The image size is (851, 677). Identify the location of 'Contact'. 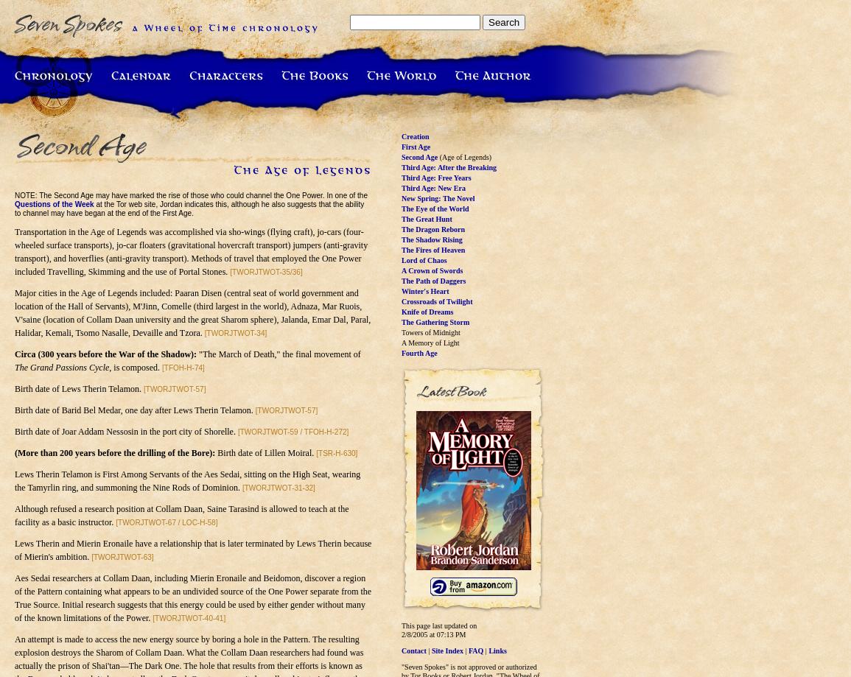
(401, 650).